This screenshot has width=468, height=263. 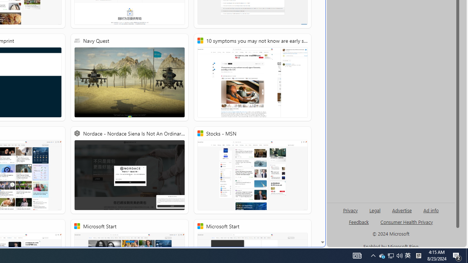 What do you see at coordinates (359, 221) in the screenshot?
I see `'AutomationID: sb_feedback'` at bounding box center [359, 221].